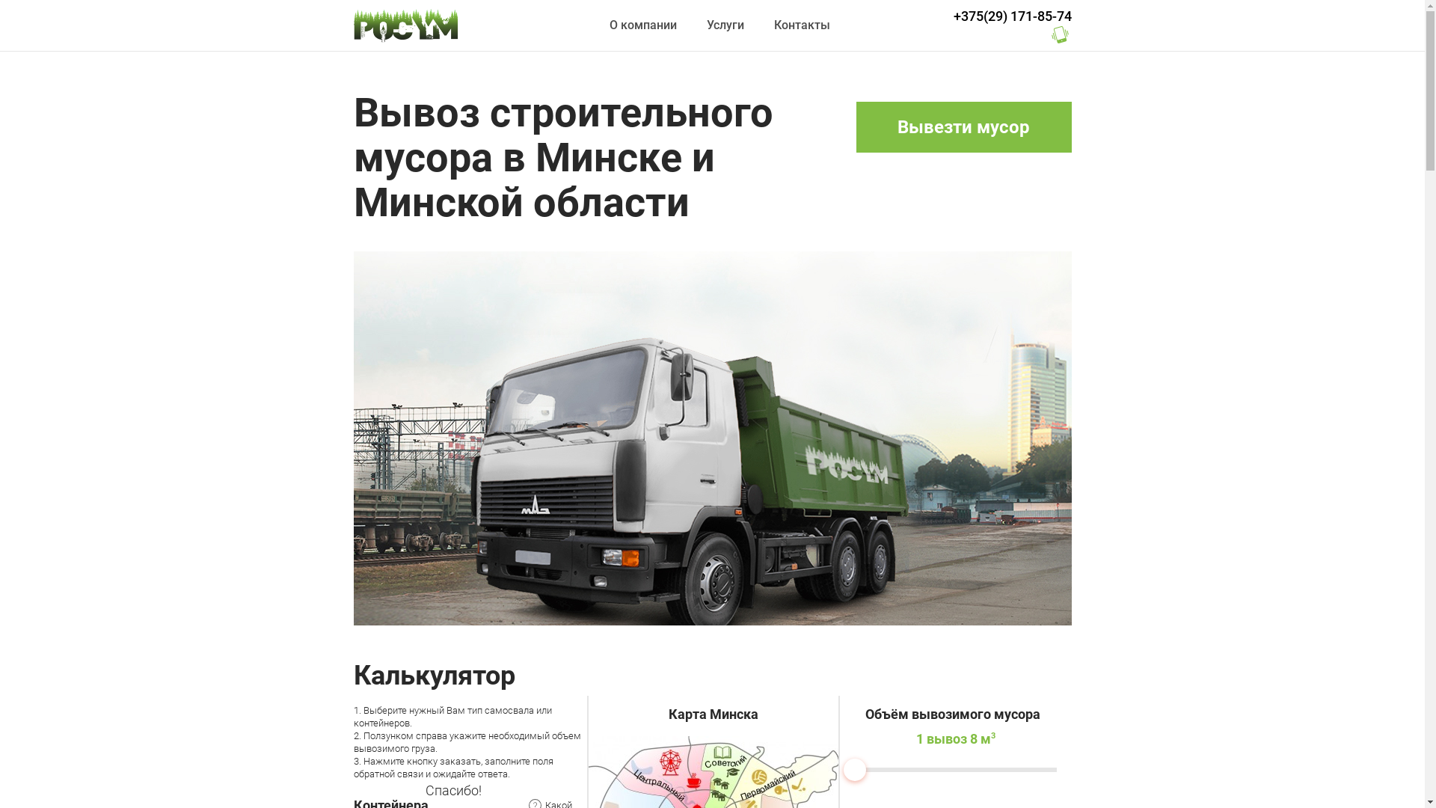  What do you see at coordinates (1012, 15) in the screenshot?
I see `'+375(29) 171-85-74'` at bounding box center [1012, 15].